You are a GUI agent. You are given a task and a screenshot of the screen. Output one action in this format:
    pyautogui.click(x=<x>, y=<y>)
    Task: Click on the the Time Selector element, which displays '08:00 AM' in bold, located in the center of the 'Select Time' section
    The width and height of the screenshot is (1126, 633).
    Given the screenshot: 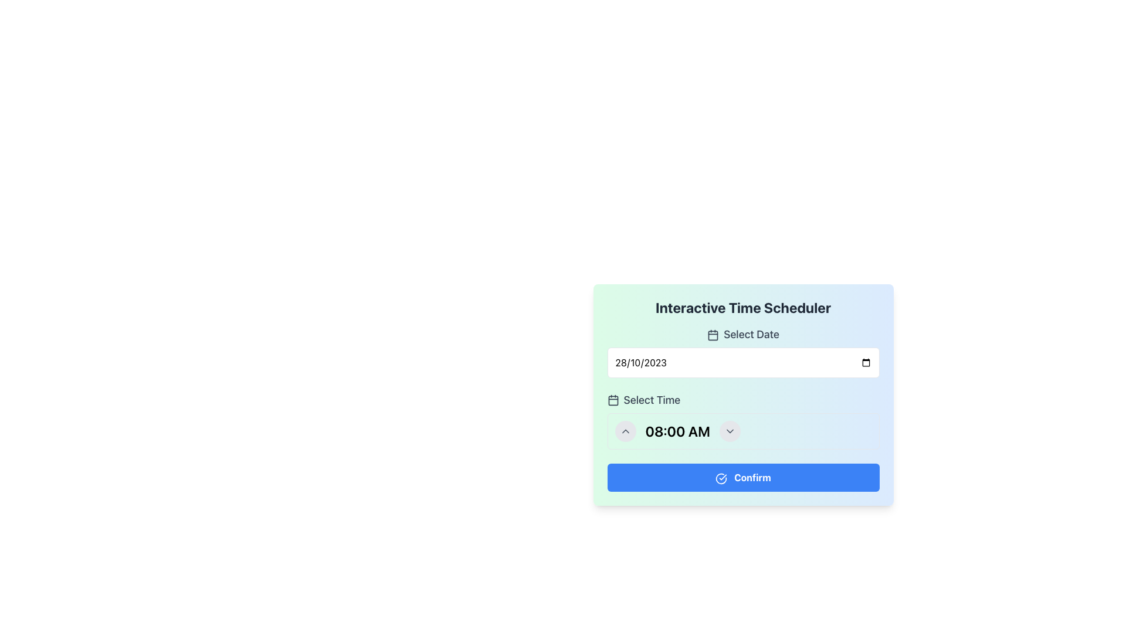 What is the action you would take?
    pyautogui.click(x=742, y=431)
    